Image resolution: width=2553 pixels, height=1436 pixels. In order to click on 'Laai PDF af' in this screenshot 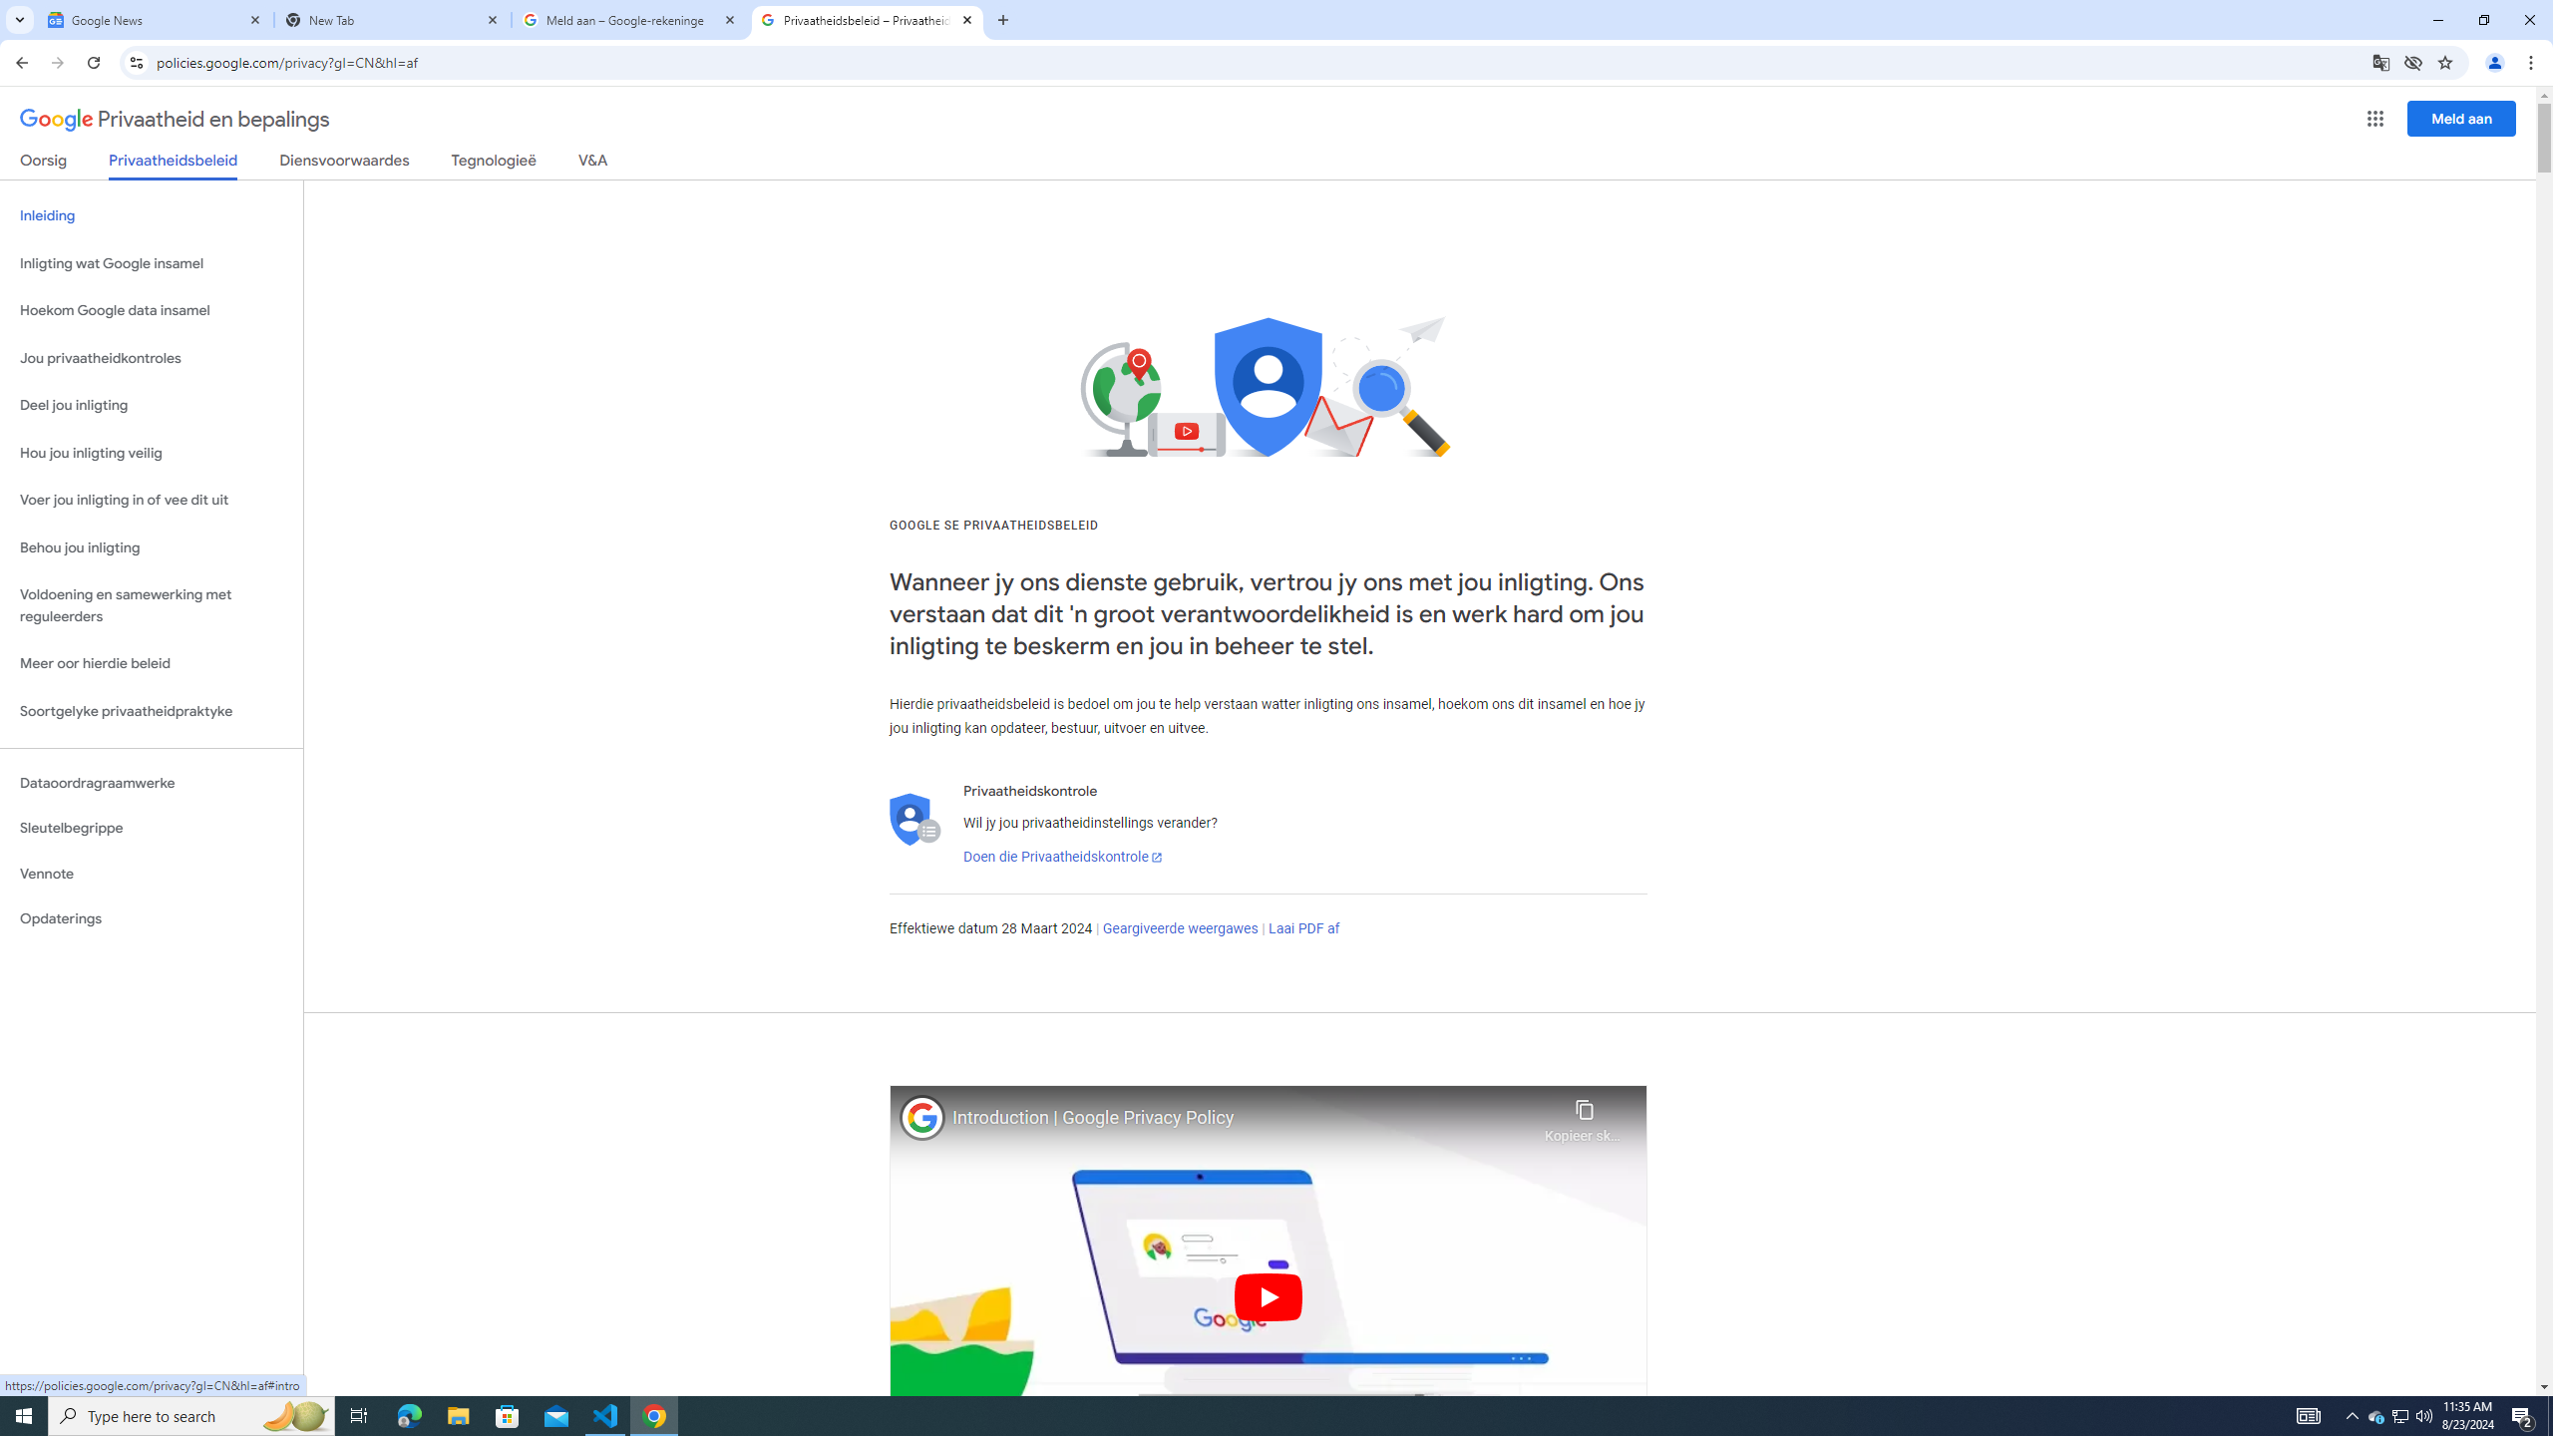, I will do `click(1304, 927)`.